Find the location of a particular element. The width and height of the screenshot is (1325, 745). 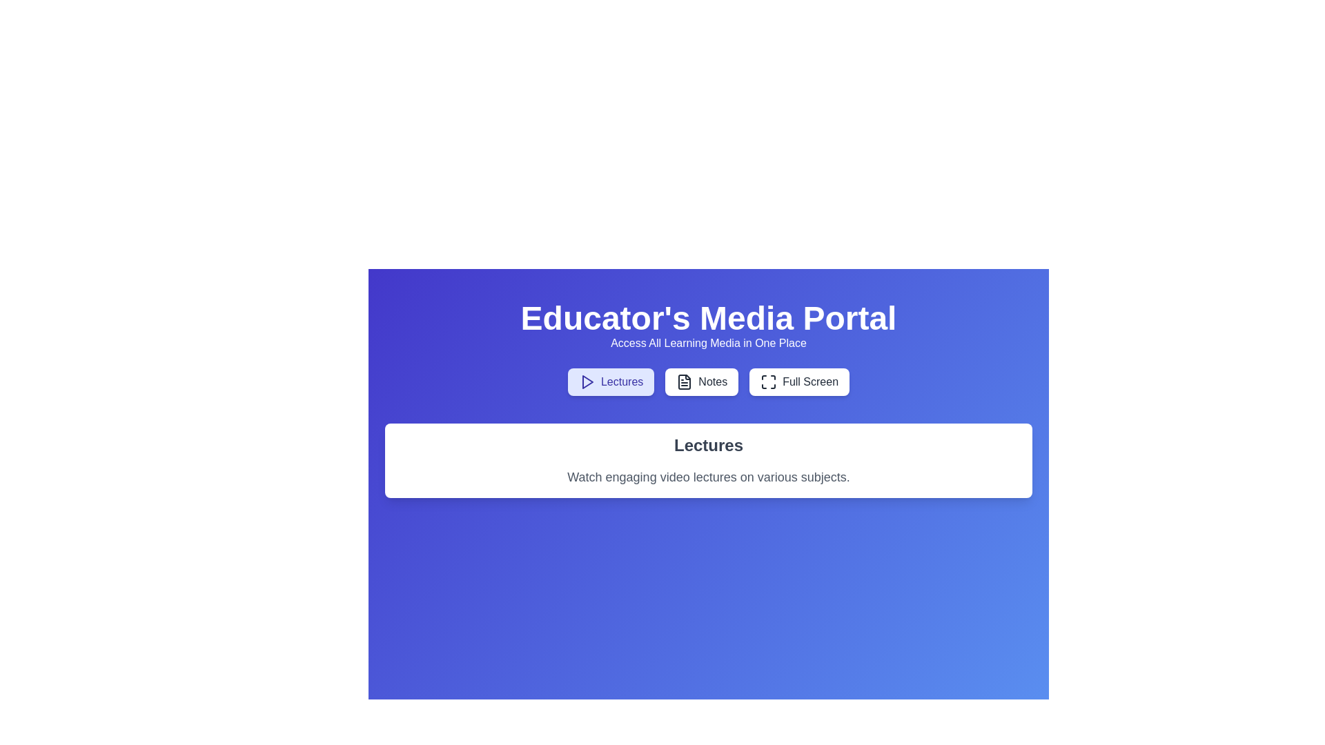

the tab labeled Lectures is located at coordinates (609, 382).